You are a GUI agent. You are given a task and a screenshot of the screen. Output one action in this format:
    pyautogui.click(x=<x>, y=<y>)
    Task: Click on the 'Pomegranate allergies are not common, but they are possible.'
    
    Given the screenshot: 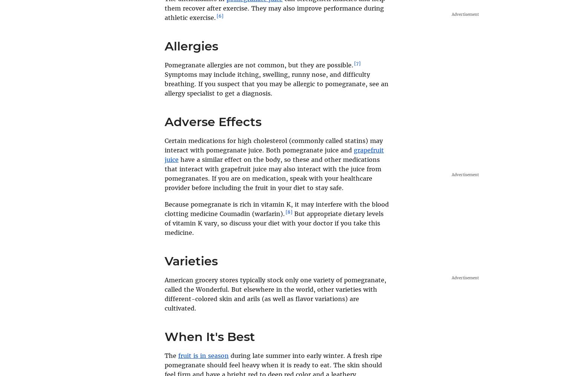 What is the action you would take?
    pyautogui.click(x=164, y=65)
    